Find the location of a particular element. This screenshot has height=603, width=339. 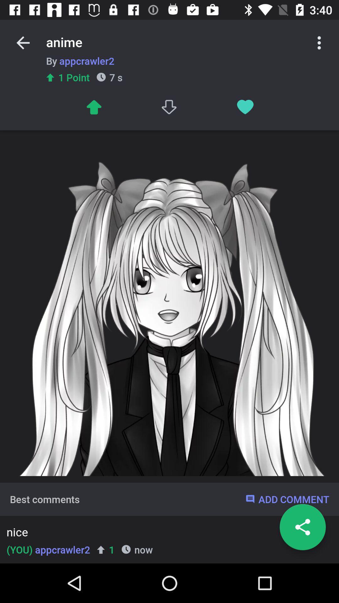

item above 1 point is located at coordinates (80, 61).